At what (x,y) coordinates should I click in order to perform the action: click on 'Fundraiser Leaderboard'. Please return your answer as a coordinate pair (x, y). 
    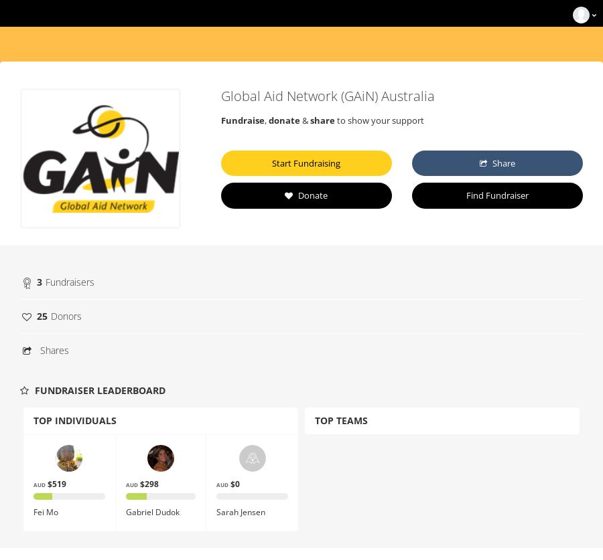
    Looking at the image, I should click on (98, 390).